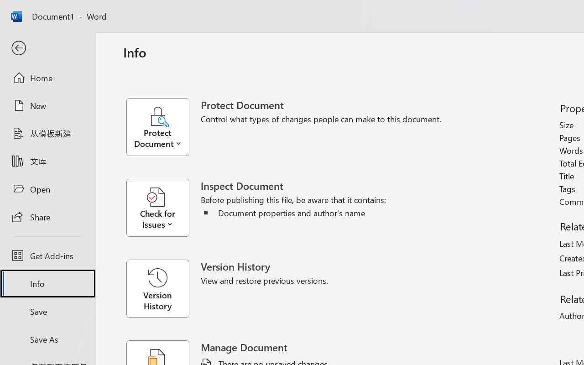  What do you see at coordinates (47, 255) in the screenshot?
I see `'Get Add-ins'` at bounding box center [47, 255].